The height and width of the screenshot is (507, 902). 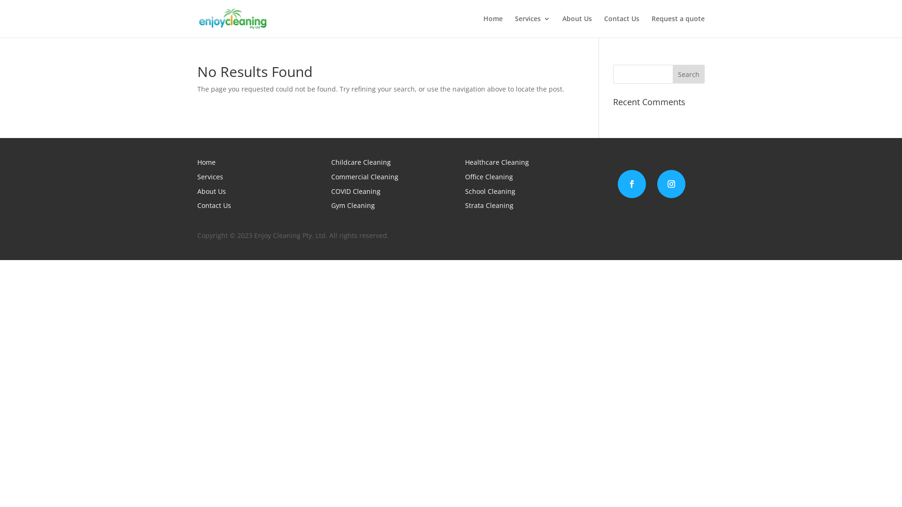 I want to click on 'Request a quote', so click(x=678, y=26).